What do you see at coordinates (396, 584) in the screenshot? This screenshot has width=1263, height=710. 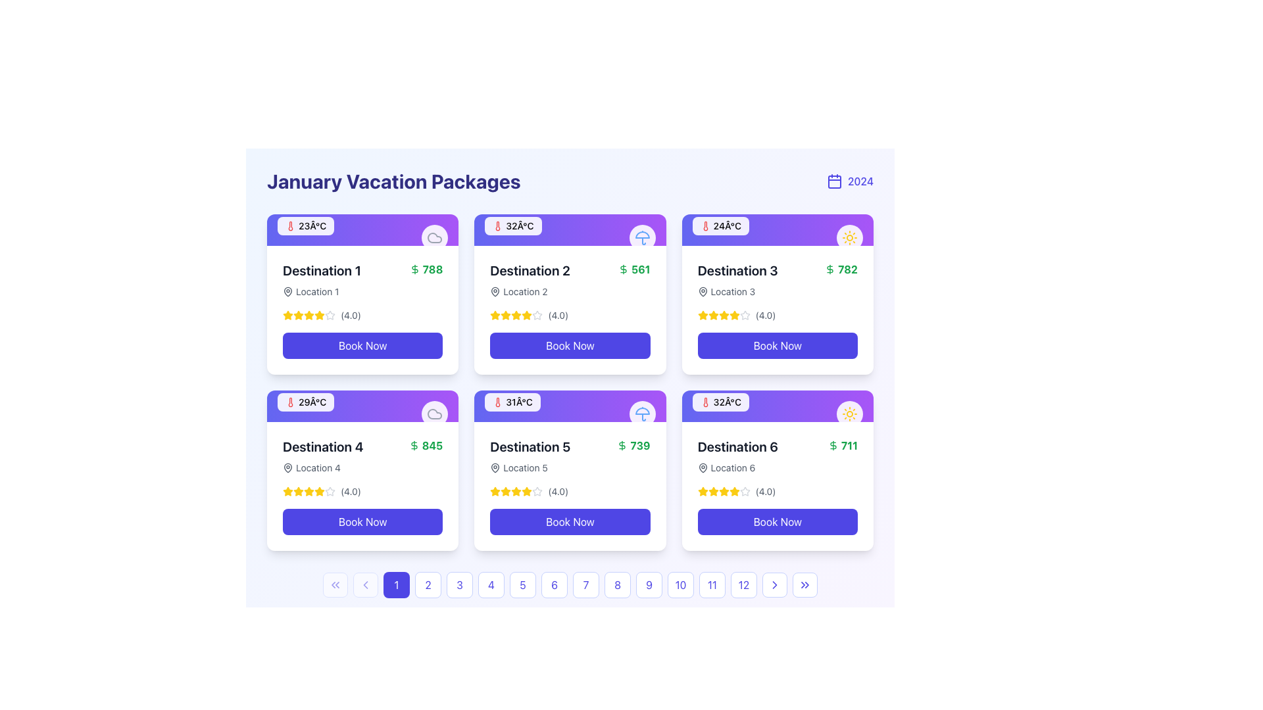 I see `the pagination button located at the bottom center of the interface` at bounding box center [396, 584].